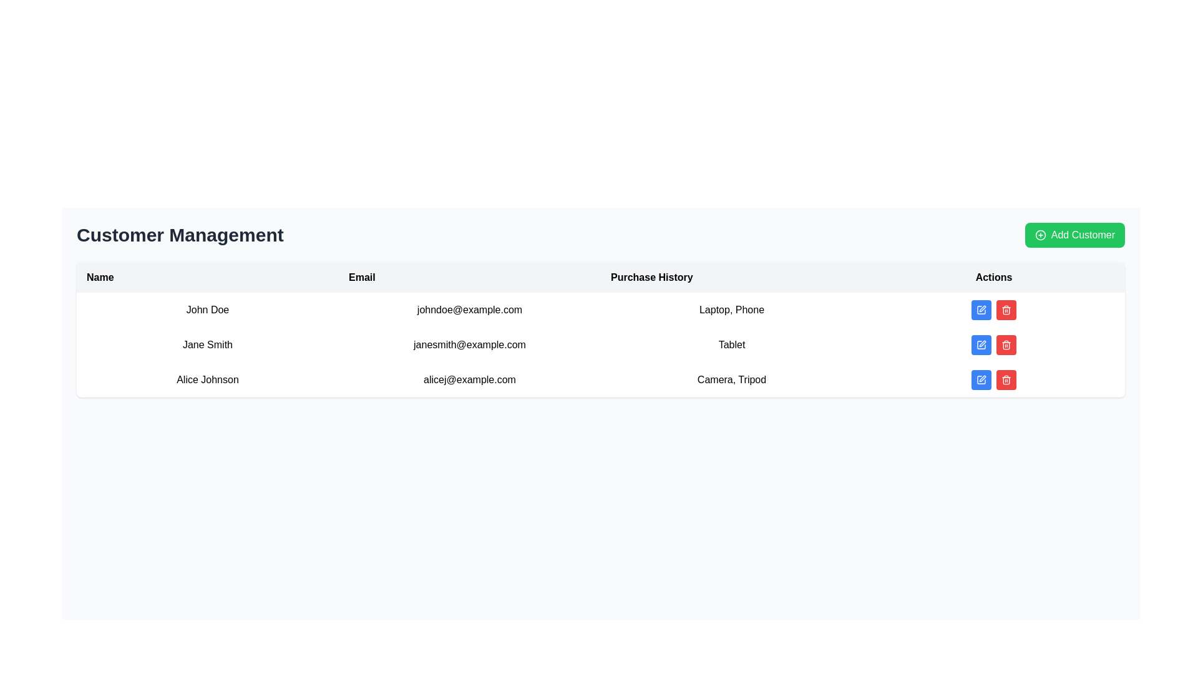 The width and height of the screenshot is (1198, 674). I want to click on the edit button in the third row of the customer management table to modify the user's entry, which is located below the row featuring 'Jane Smith', so click(601, 379).